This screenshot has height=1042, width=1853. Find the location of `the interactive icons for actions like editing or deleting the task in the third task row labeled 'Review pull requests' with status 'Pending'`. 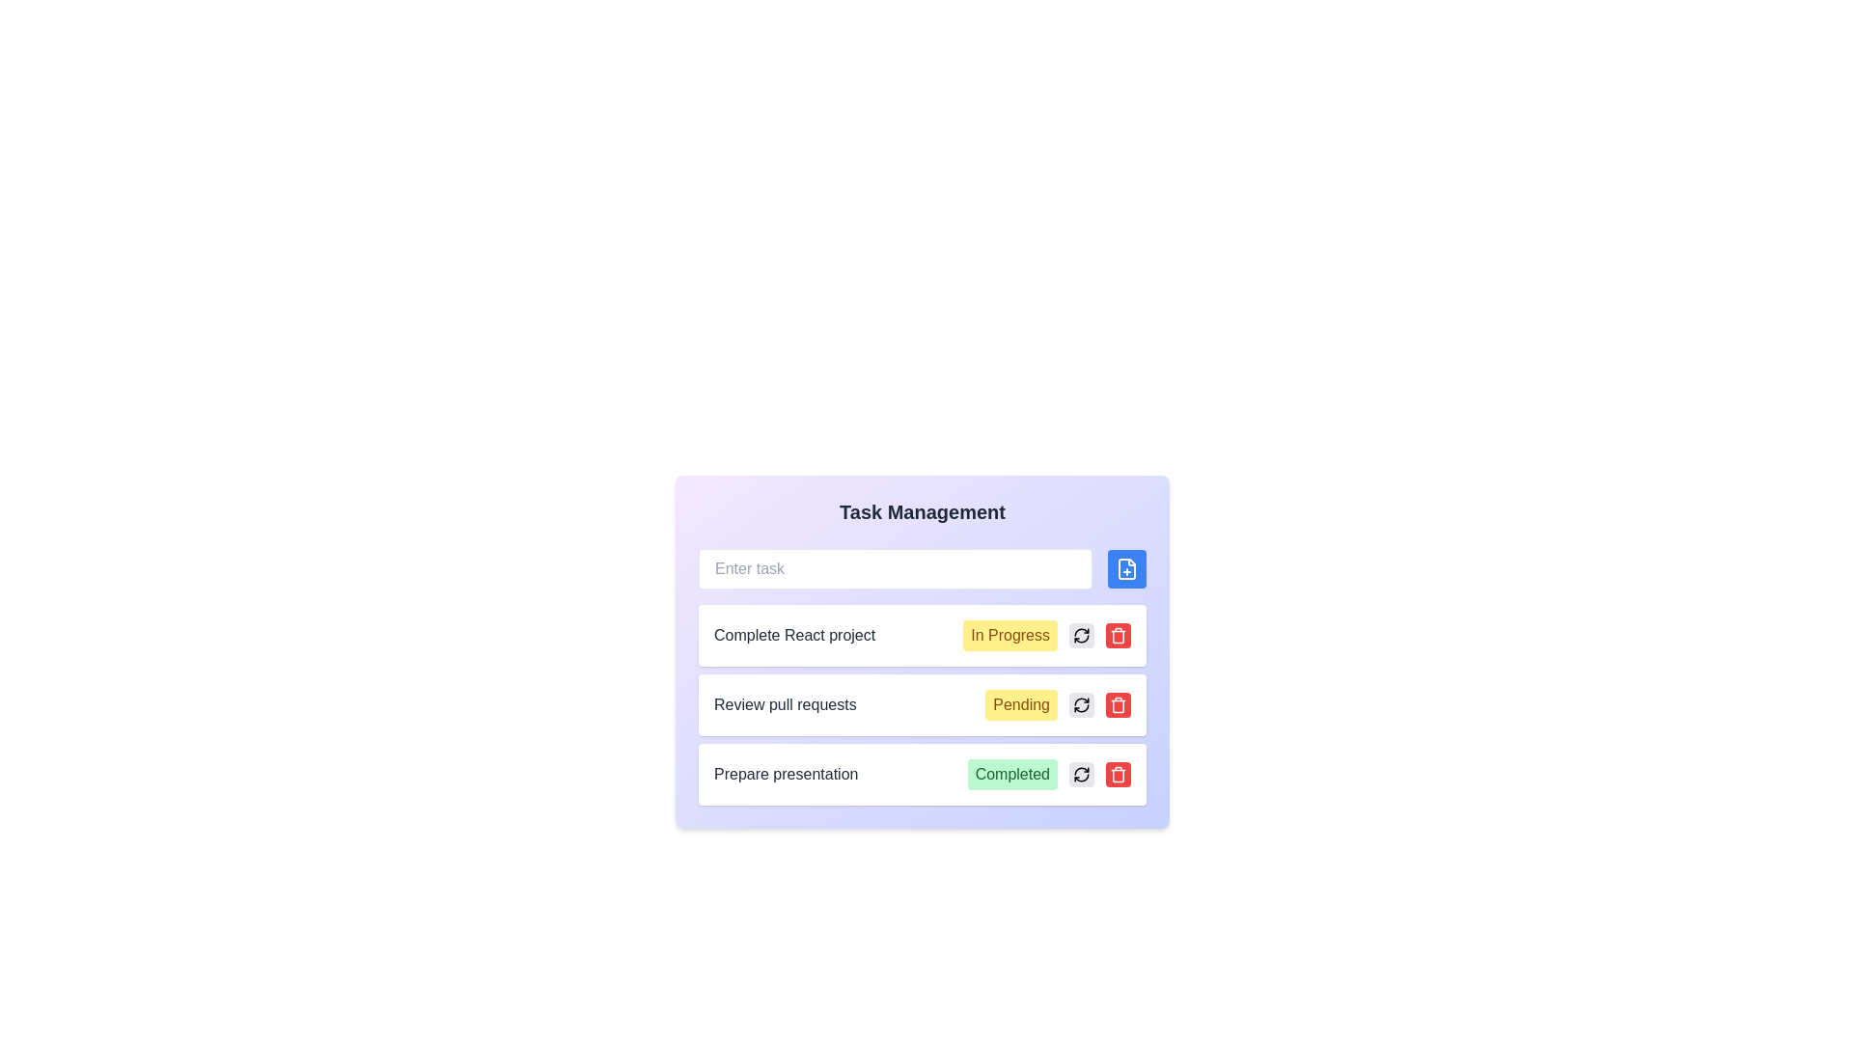

the interactive icons for actions like editing or deleting the task in the third task row labeled 'Review pull requests' with status 'Pending' is located at coordinates (921, 705).